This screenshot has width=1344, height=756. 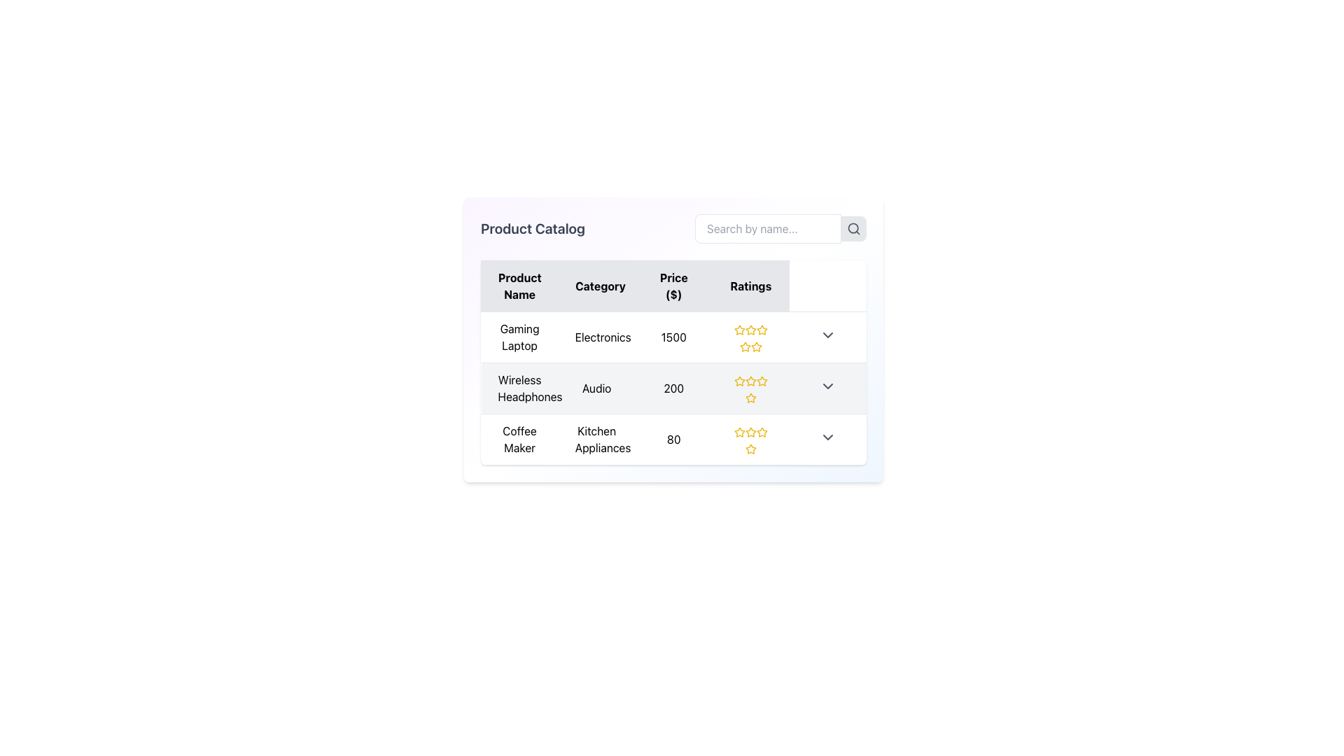 What do you see at coordinates (827, 436) in the screenshot?
I see `the dropdown toggle located at the right end of the 'Ratings' column for the 'Coffee Maker' product` at bounding box center [827, 436].